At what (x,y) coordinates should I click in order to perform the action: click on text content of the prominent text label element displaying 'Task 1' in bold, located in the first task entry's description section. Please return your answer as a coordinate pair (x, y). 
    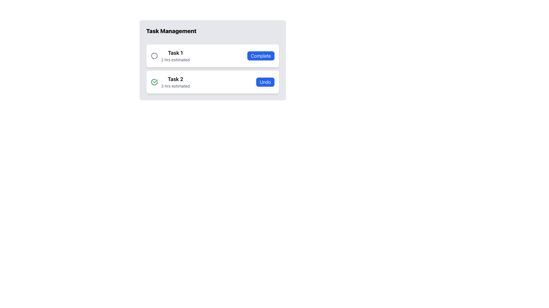
    Looking at the image, I should click on (175, 53).